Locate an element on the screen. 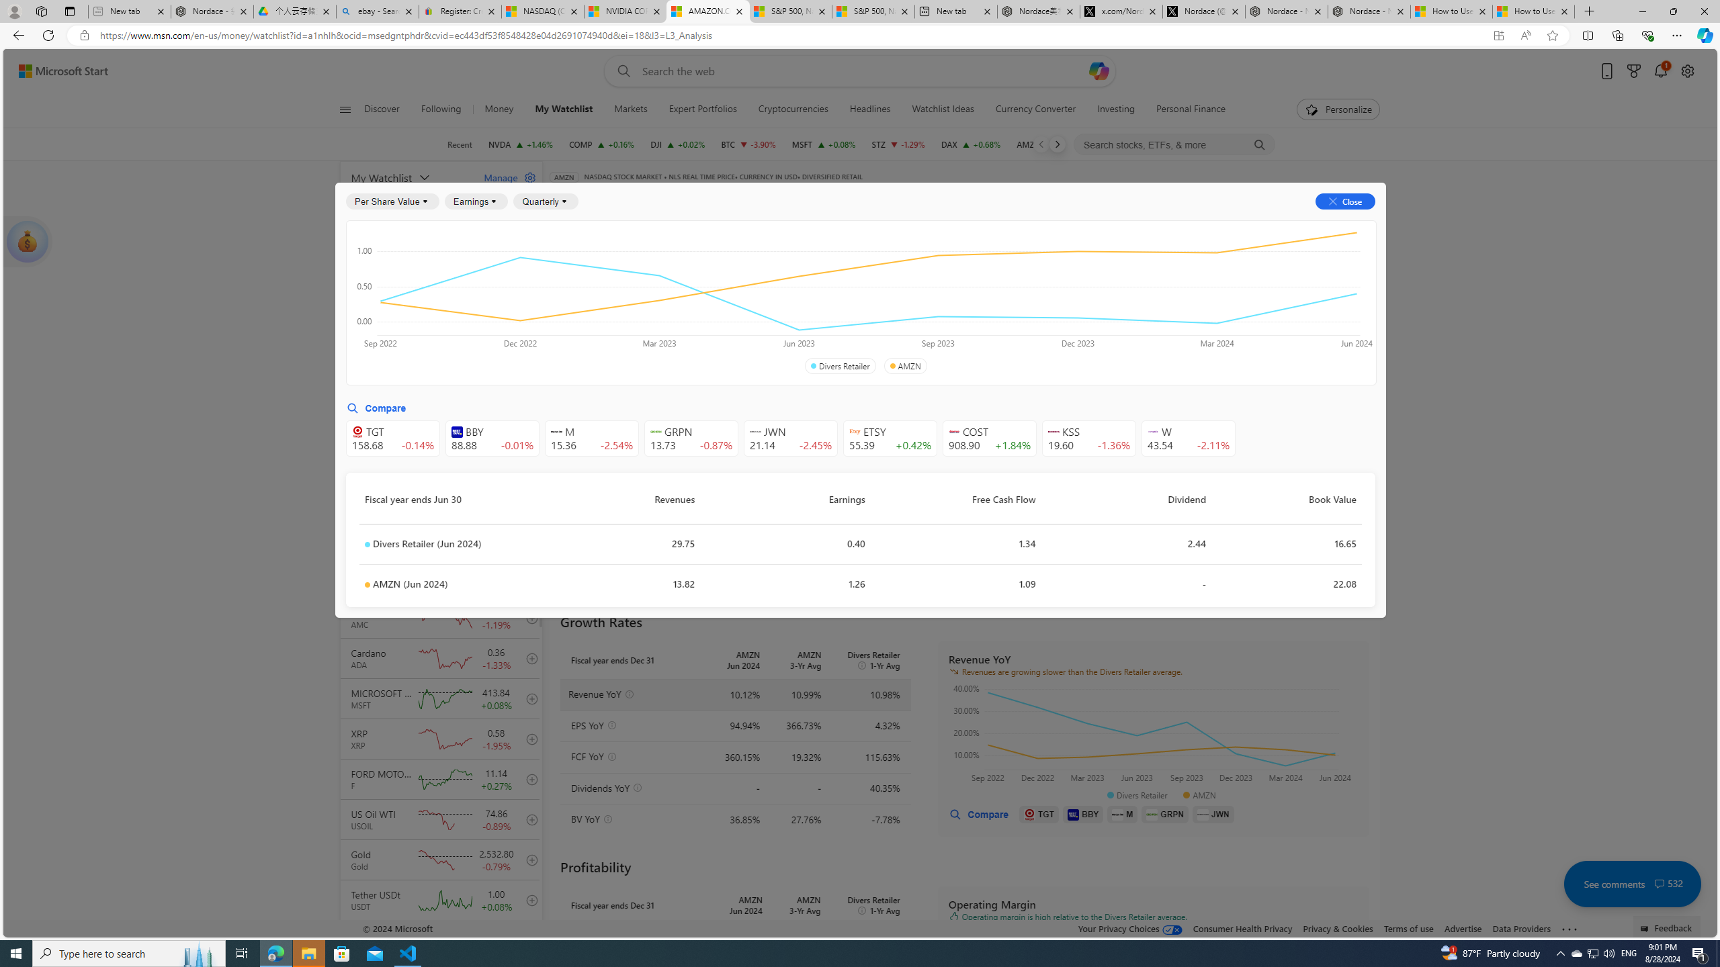  'Class: symbolDot-DS-EntryPoint1-2' is located at coordinates (367, 584).